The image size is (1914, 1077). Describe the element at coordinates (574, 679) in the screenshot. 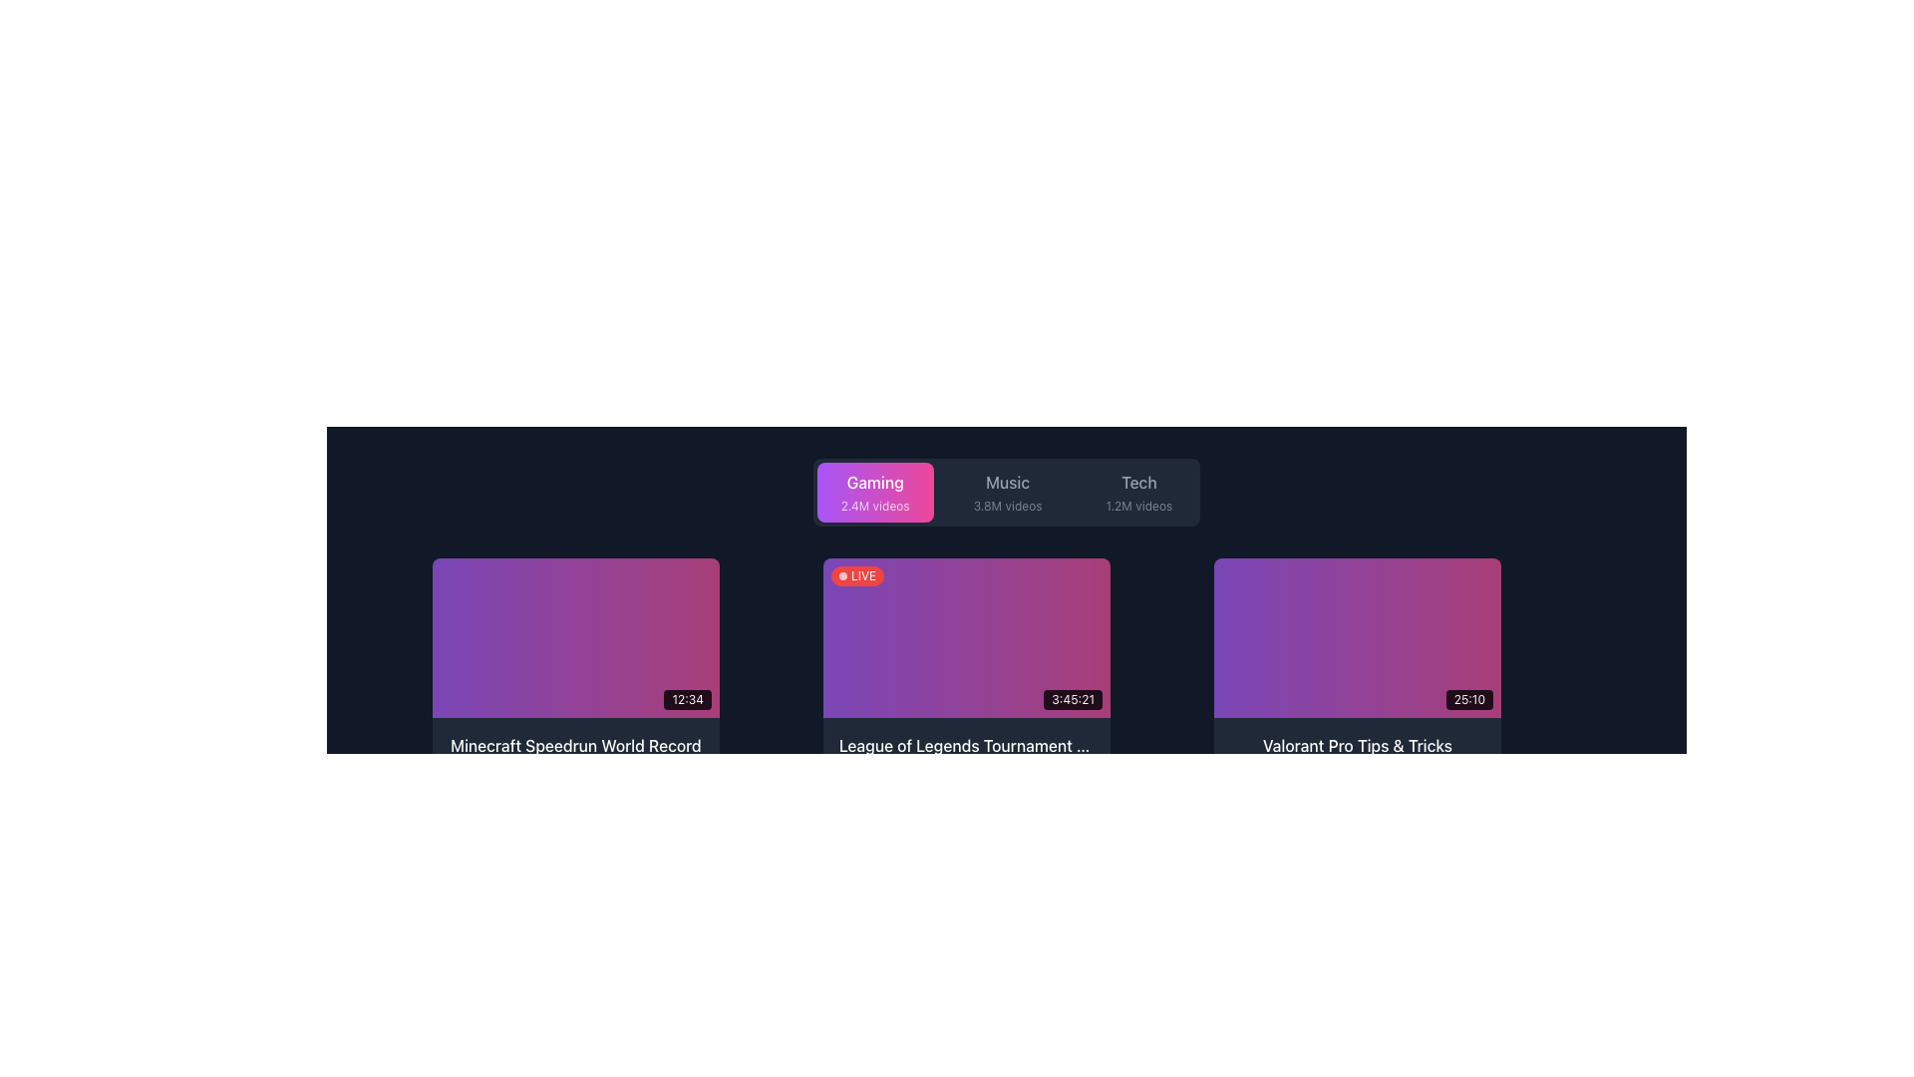

I see `the video preview card displaying 'Minecraft Speedrun World Record'` at that location.